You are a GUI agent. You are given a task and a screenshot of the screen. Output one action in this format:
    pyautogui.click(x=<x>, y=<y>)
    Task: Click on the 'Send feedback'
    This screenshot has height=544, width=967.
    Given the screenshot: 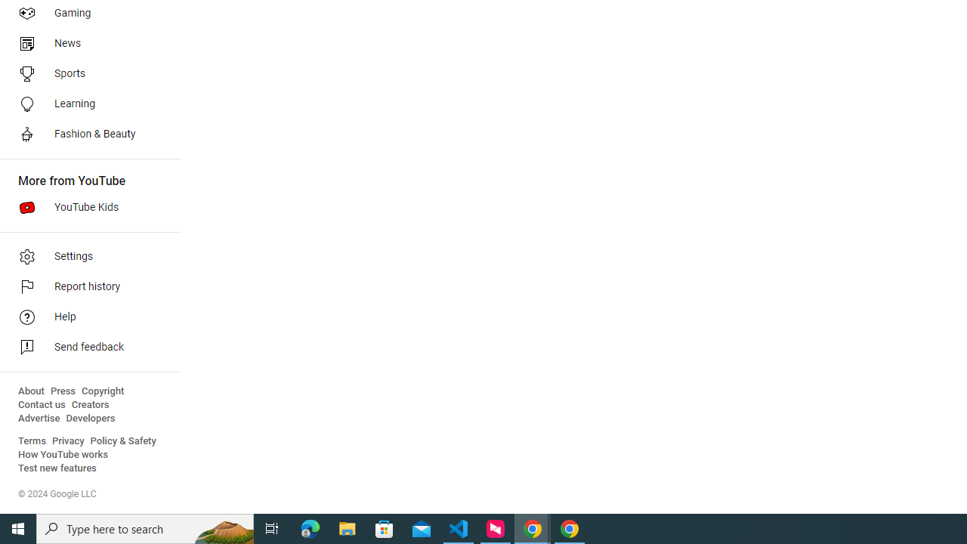 What is the action you would take?
    pyautogui.click(x=85, y=348)
    